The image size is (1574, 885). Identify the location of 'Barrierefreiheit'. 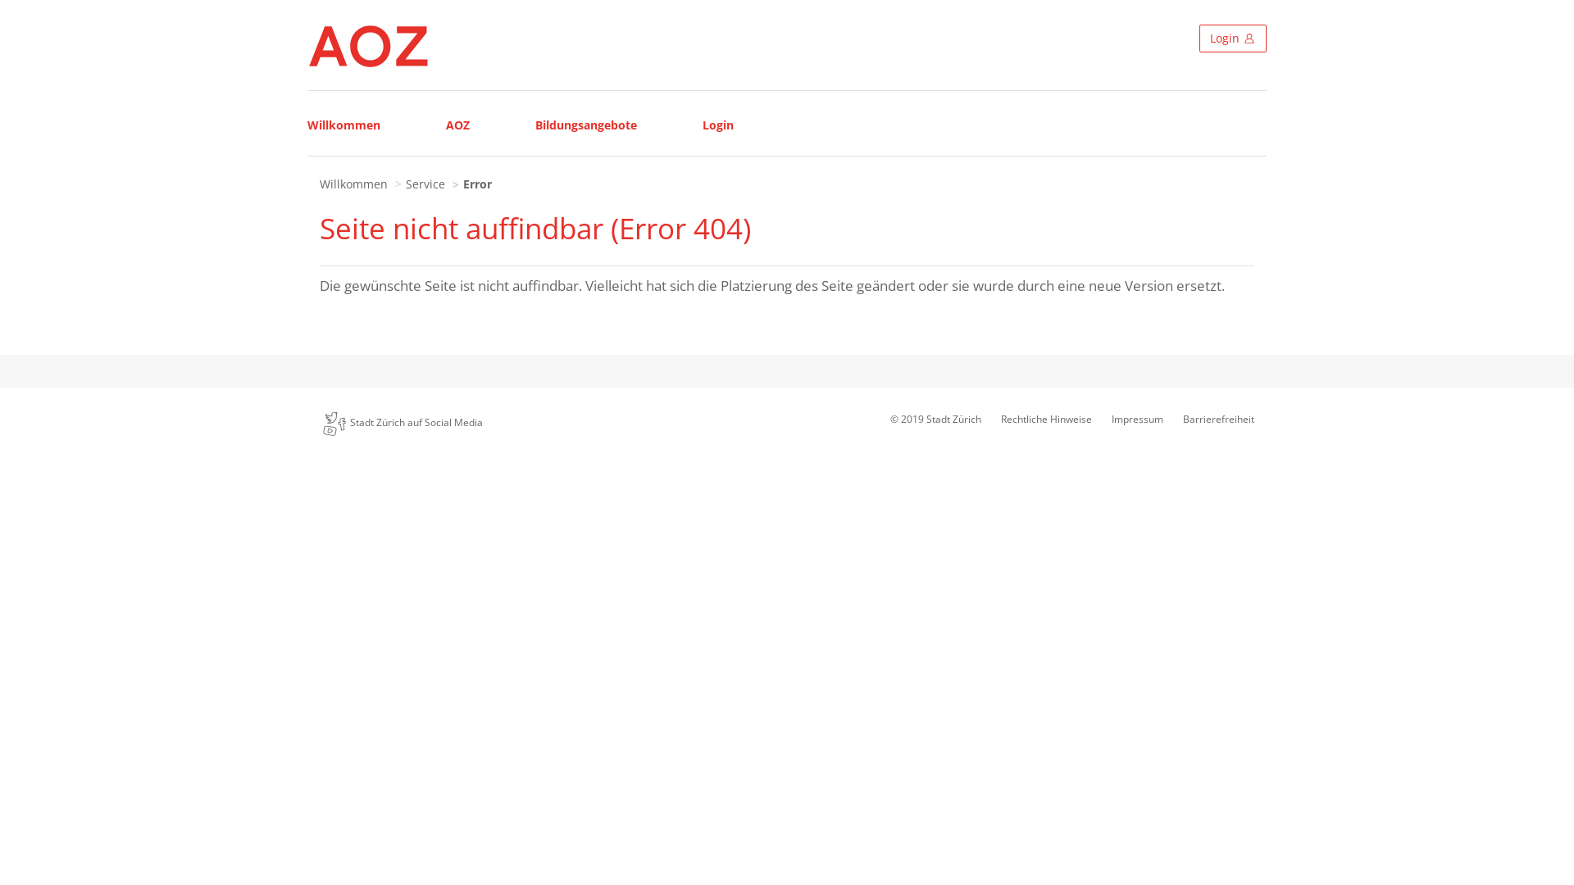
(1183, 418).